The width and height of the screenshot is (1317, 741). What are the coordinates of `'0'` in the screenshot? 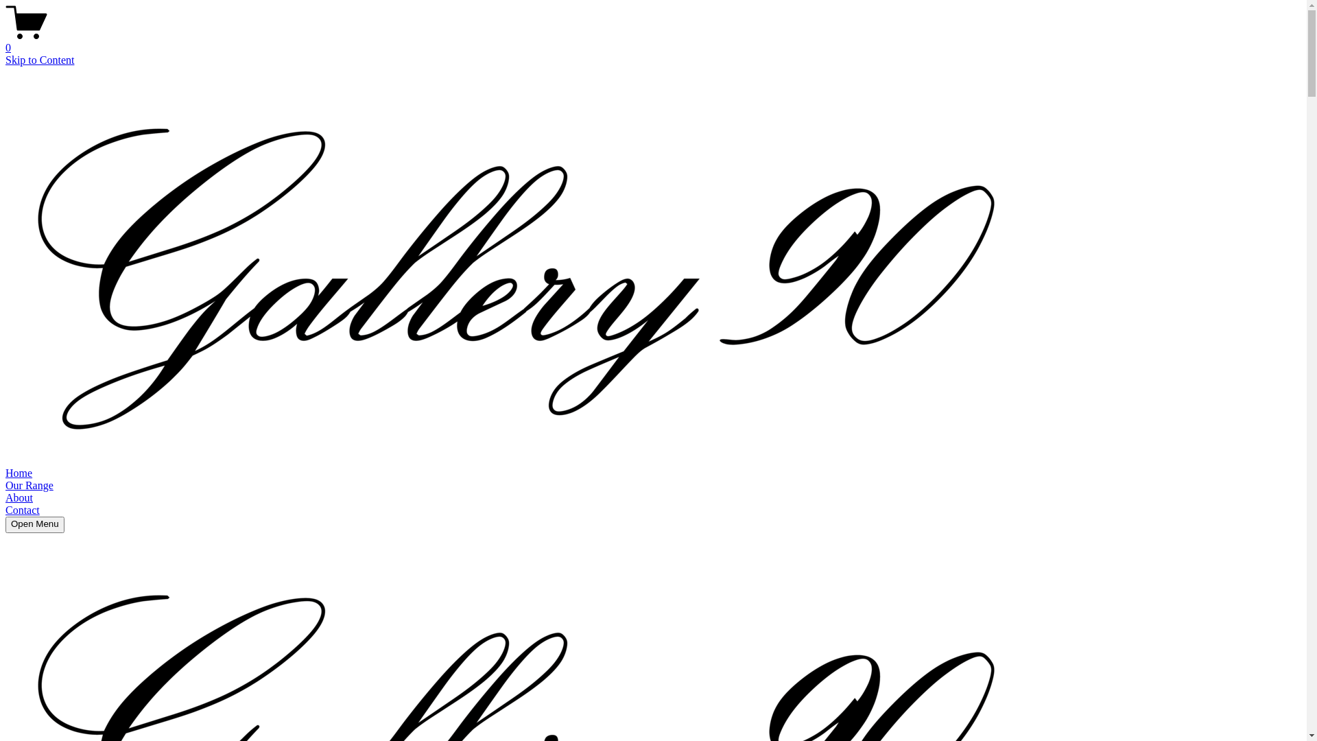 It's located at (652, 41).